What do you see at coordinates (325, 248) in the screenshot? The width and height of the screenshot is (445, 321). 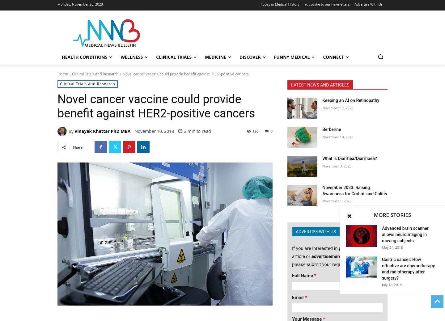 I see `'If you are interested in placing a'` at bounding box center [325, 248].